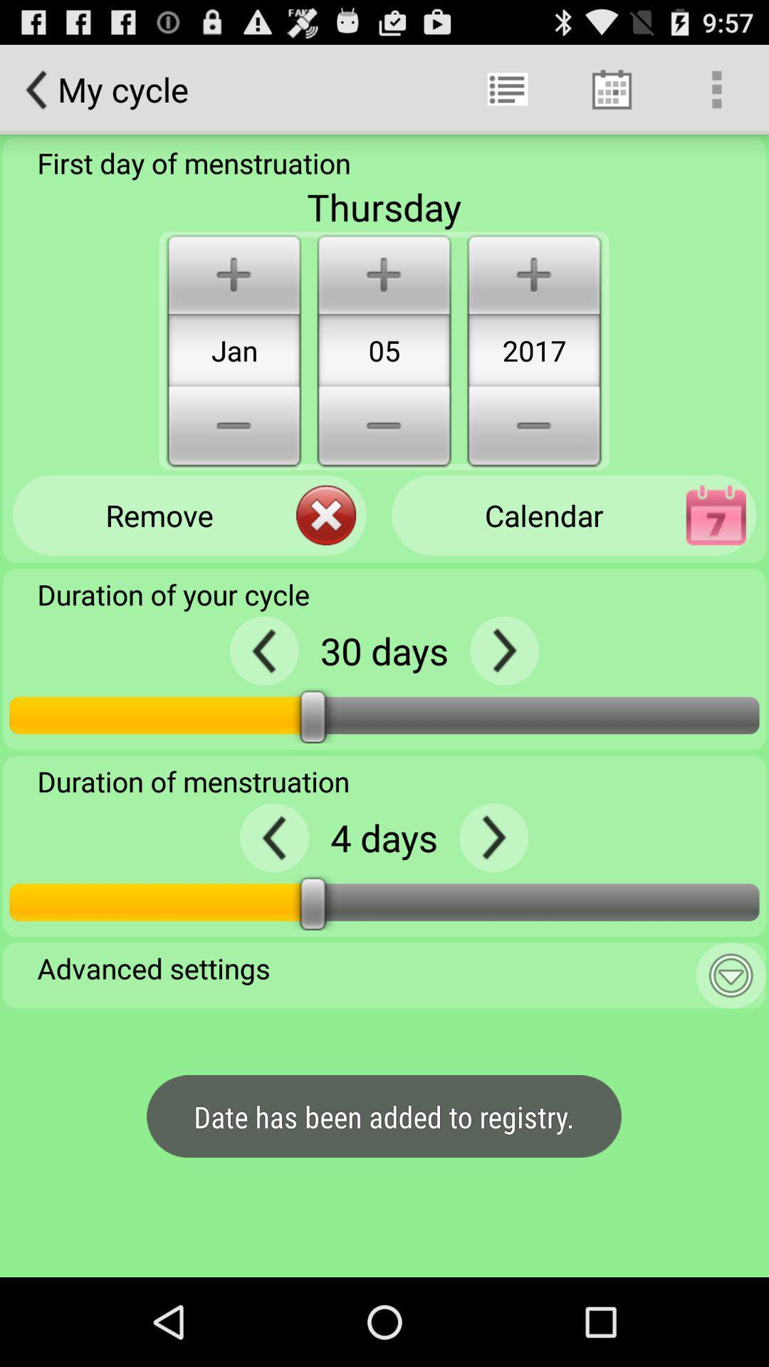 The width and height of the screenshot is (769, 1367). What do you see at coordinates (274, 837) in the screenshot?
I see `back icon` at bounding box center [274, 837].